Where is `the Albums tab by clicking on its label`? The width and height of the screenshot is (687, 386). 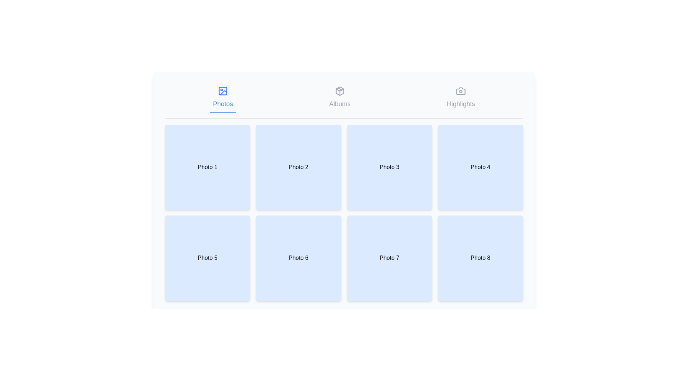 the Albums tab by clicking on its label is located at coordinates (340, 98).